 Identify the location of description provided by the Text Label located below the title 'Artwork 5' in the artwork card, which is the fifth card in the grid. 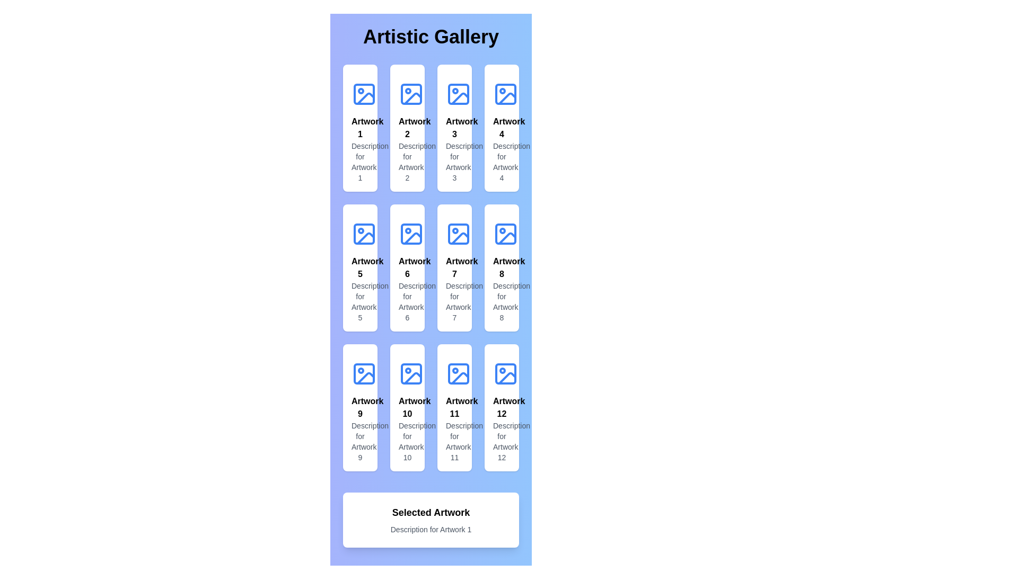
(360, 302).